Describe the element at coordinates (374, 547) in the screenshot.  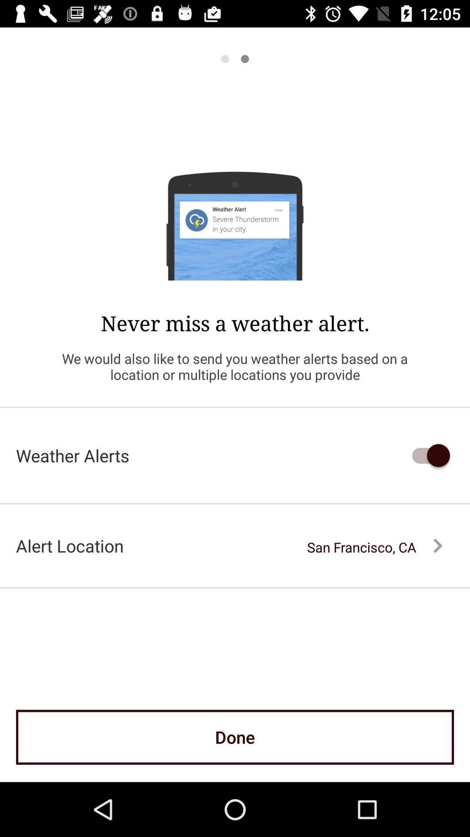
I see `the san francisco, ca item` at that location.